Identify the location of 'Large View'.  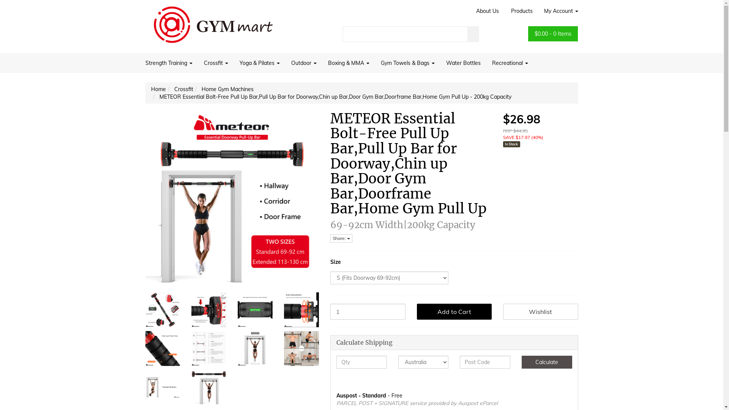
(162, 310).